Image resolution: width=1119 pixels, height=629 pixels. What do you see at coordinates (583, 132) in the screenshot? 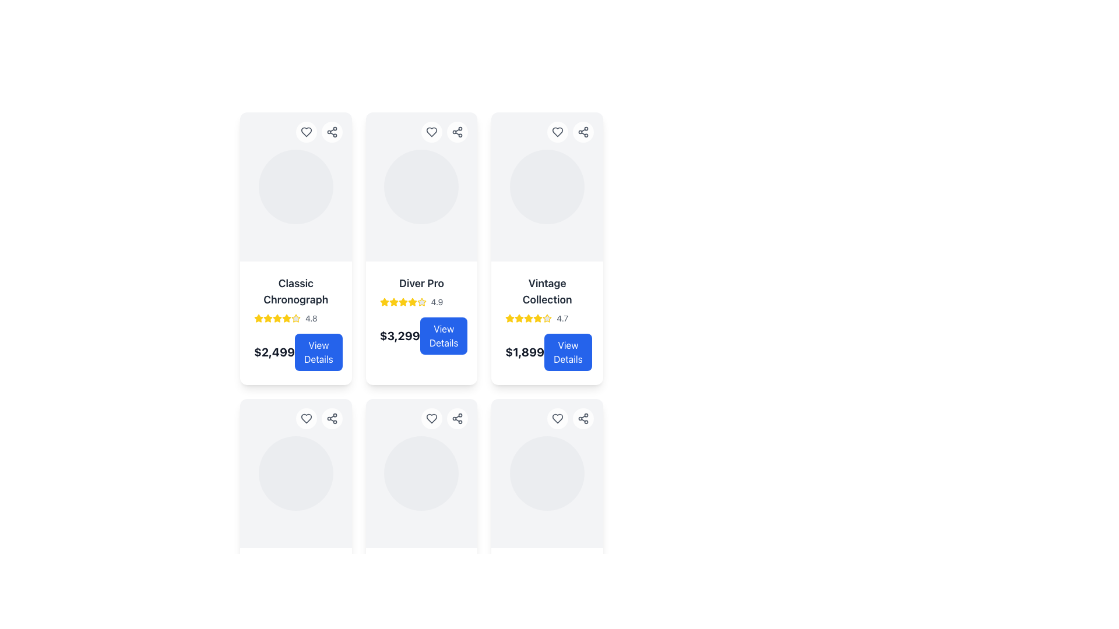
I see `the circular share button with a semi-transparent white background located in the top-right corner of the 'Vintage Collection' card` at bounding box center [583, 132].